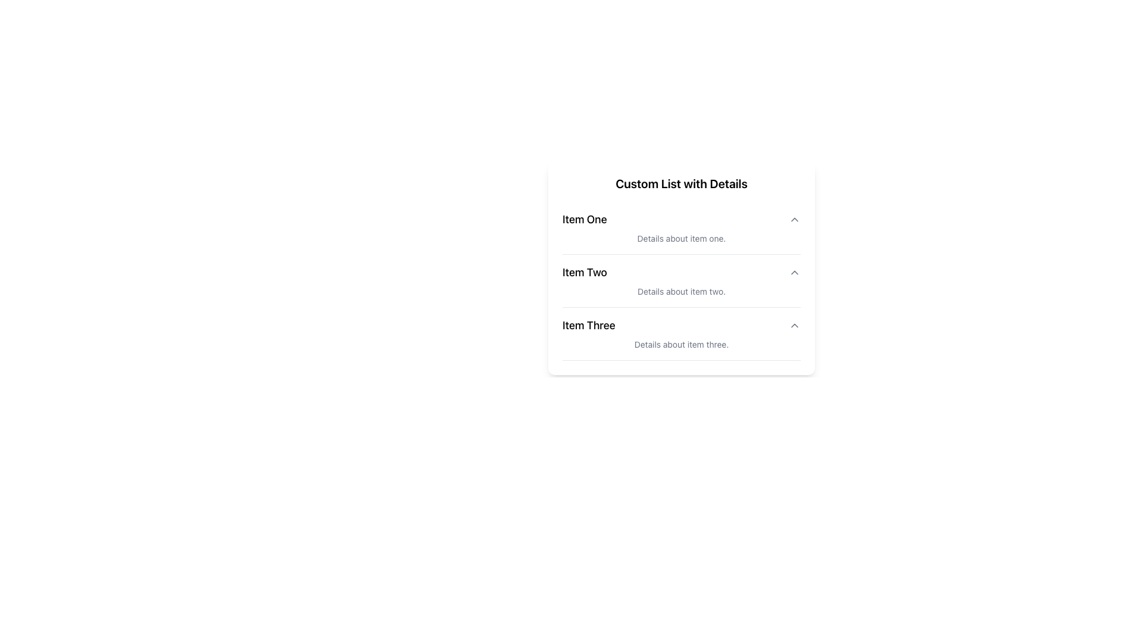  Describe the element at coordinates (794, 220) in the screenshot. I see `the small upward-pointing chevron icon located to the right of 'Item One' to observe the style change` at that location.